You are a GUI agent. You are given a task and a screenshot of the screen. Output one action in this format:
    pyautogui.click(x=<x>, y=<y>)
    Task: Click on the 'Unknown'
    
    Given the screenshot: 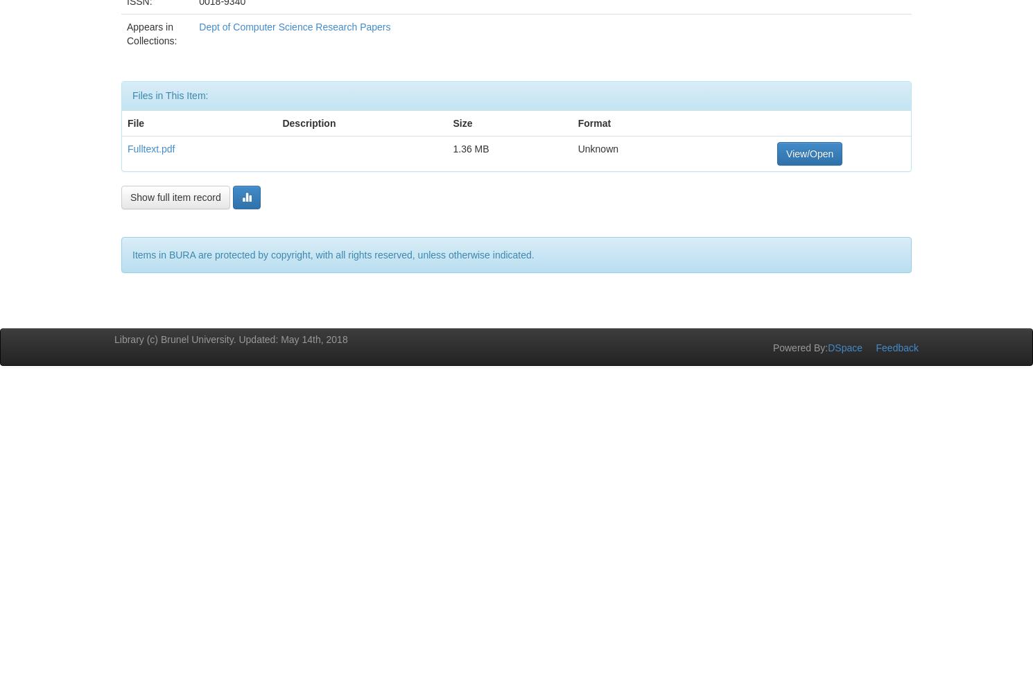 What is the action you would take?
    pyautogui.click(x=597, y=148)
    